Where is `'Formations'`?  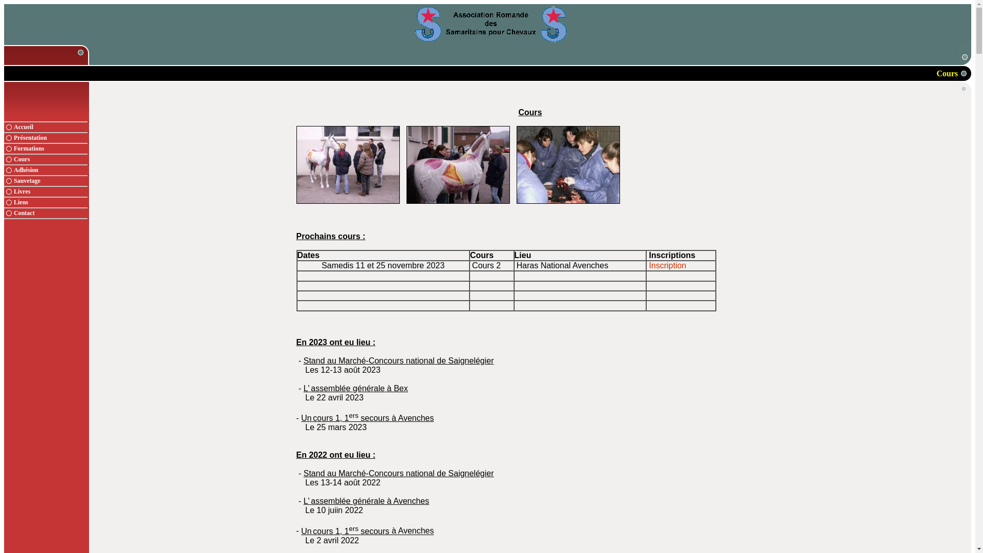
'Formations' is located at coordinates (14, 148).